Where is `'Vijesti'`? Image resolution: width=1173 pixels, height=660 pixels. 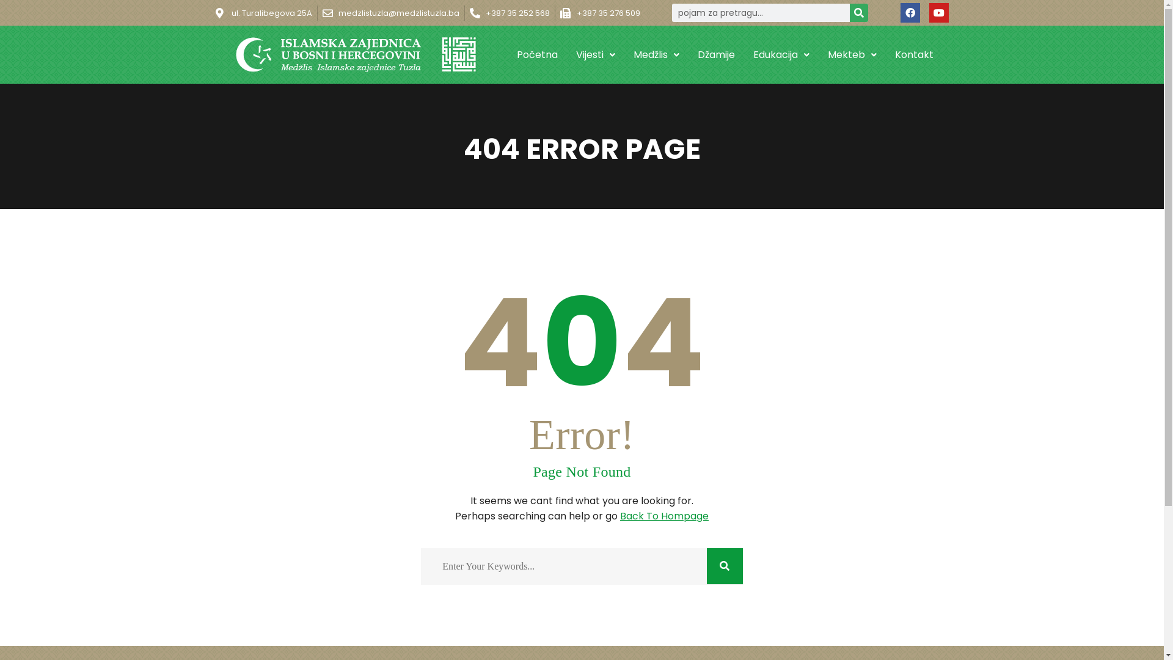
'Vijesti' is located at coordinates (566, 53).